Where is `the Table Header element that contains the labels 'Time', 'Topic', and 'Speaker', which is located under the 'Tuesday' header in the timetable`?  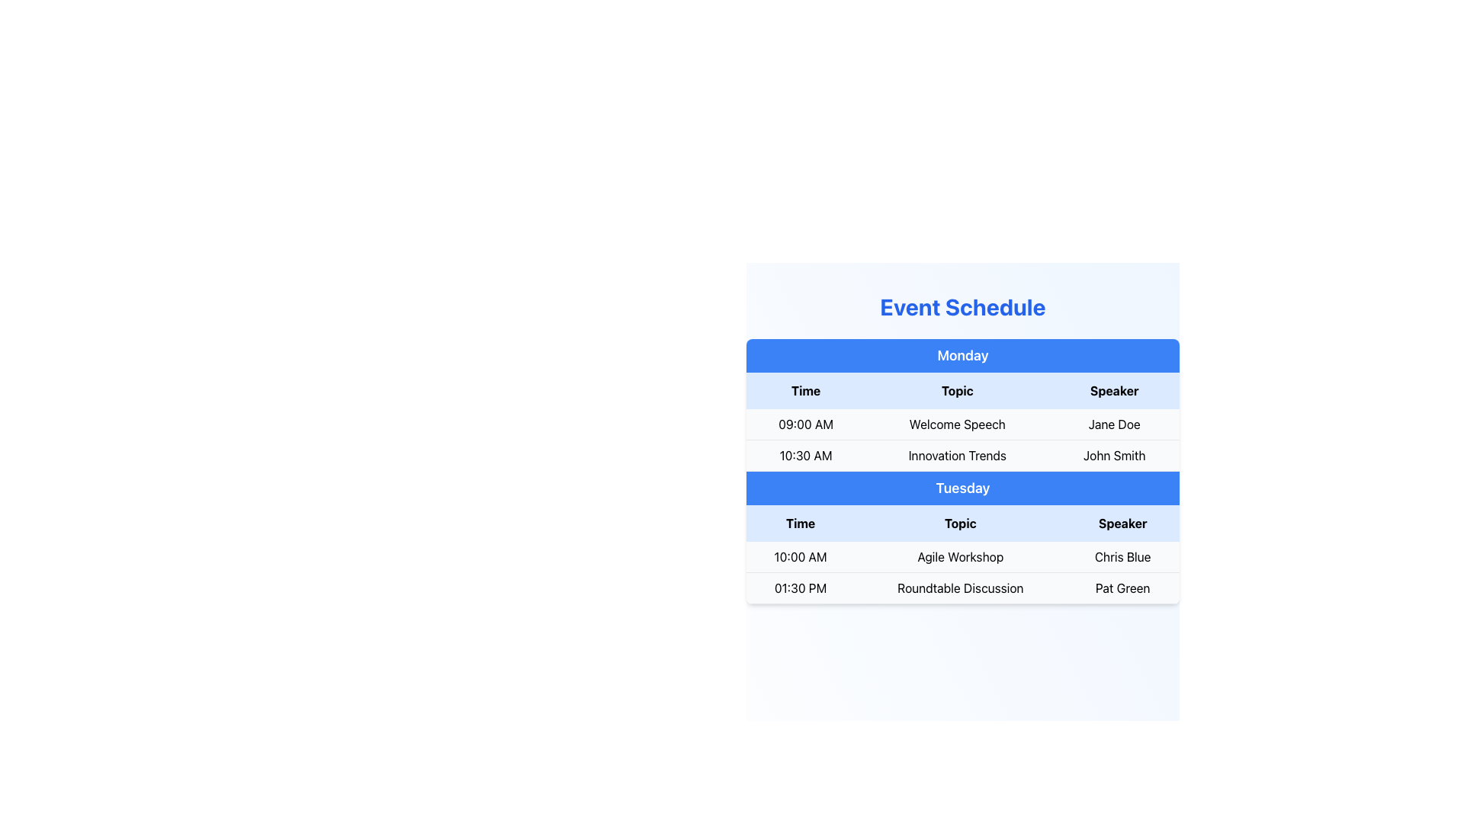 the Table Header element that contains the labels 'Time', 'Topic', and 'Speaker', which is located under the 'Tuesday' header in the timetable is located at coordinates (962, 522).